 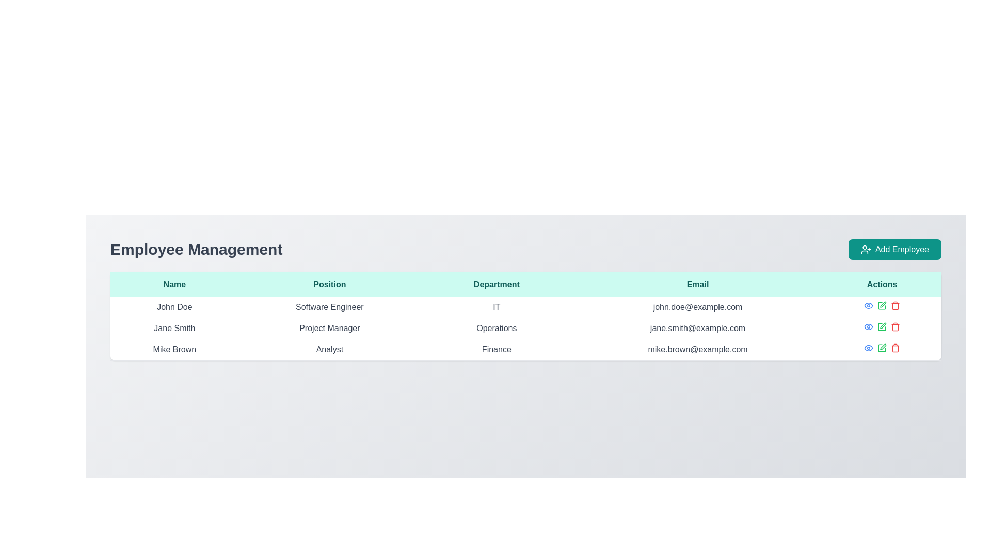 I want to click on the 'Add Employee' button, which is a teal rectangular button with white text and a user icon, located at the top-right corner of the interface, so click(x=894, y=249).